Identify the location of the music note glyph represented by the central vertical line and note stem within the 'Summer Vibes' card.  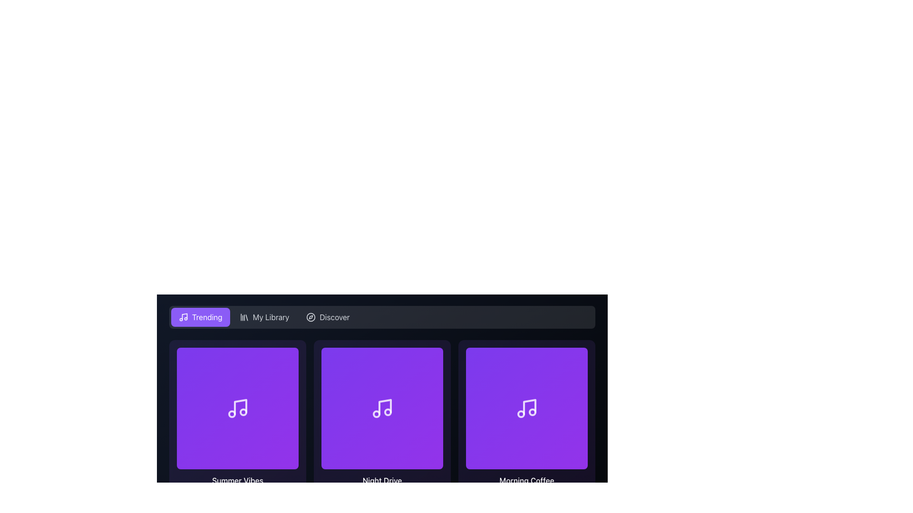
(240, 406).